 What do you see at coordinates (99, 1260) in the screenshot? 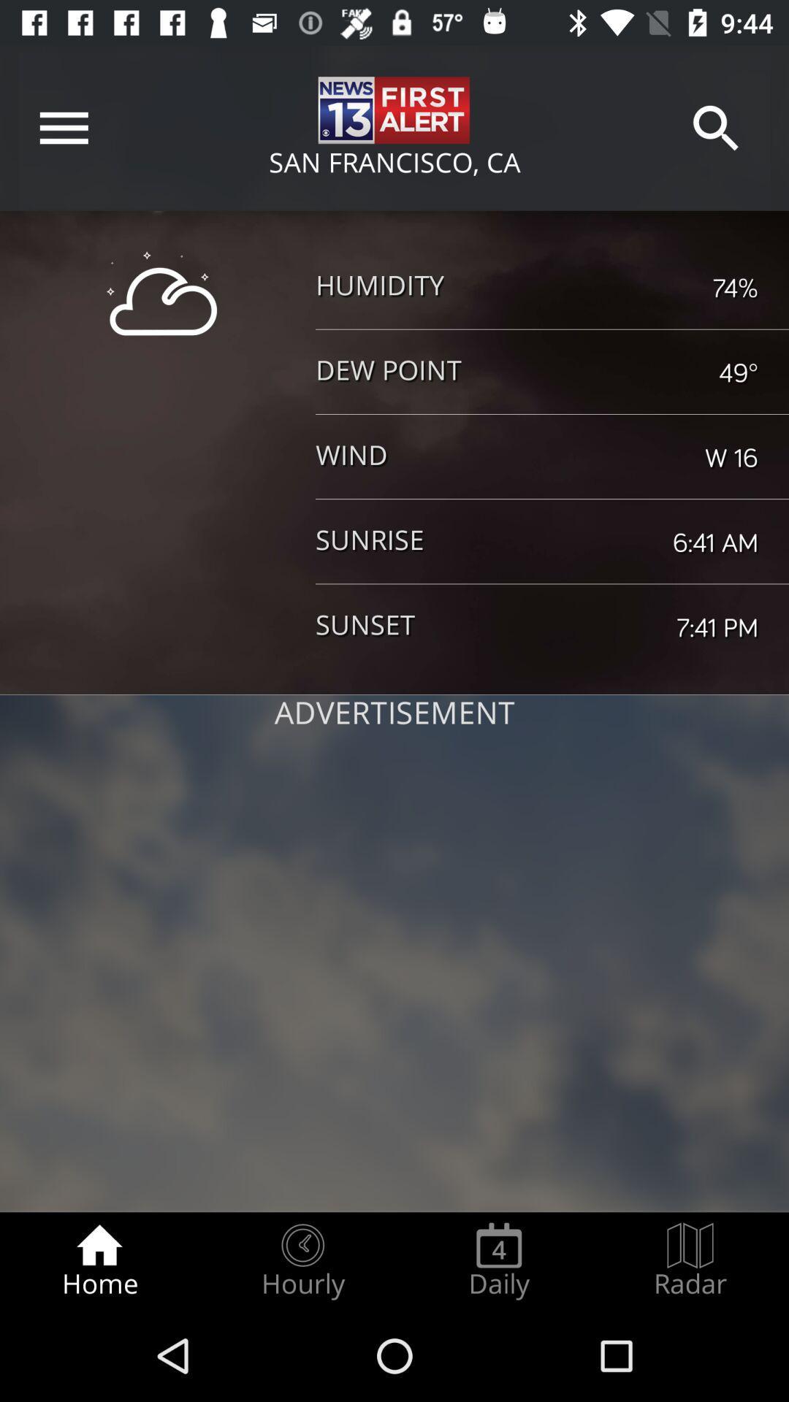
I see `the icon to the left of the hourly` at bounding box center [99, 1260].